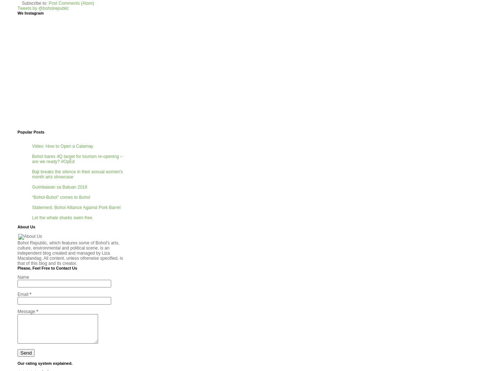  I want to click on 'Guimbawan sa Batuan 2018', so click(59, 187).